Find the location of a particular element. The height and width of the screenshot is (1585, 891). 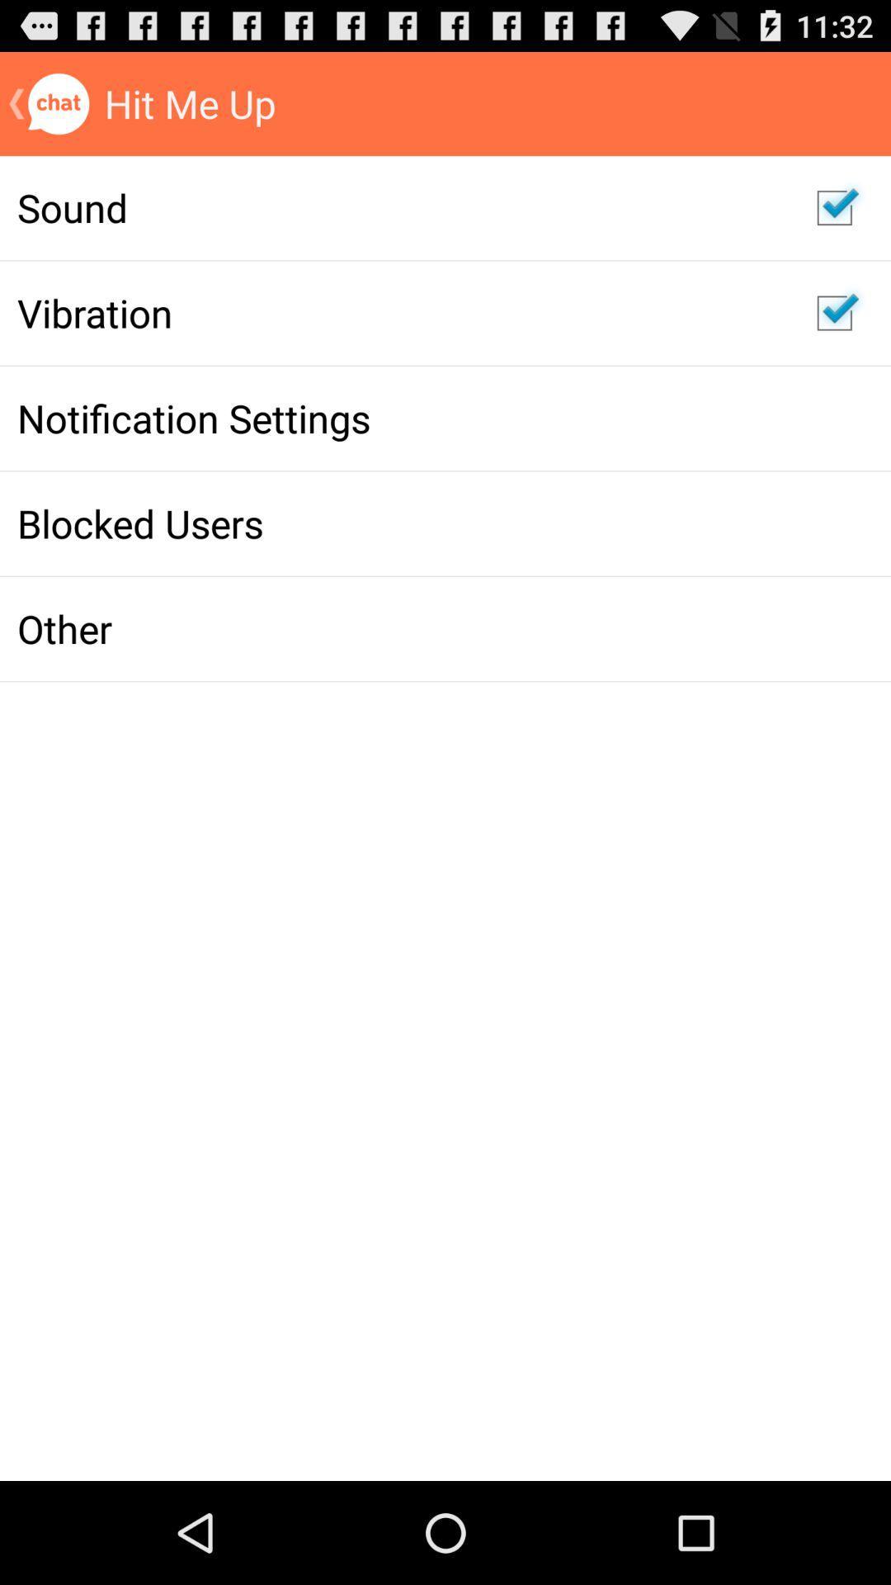

the item above the notification settings item is located at coordinates (399, 313).